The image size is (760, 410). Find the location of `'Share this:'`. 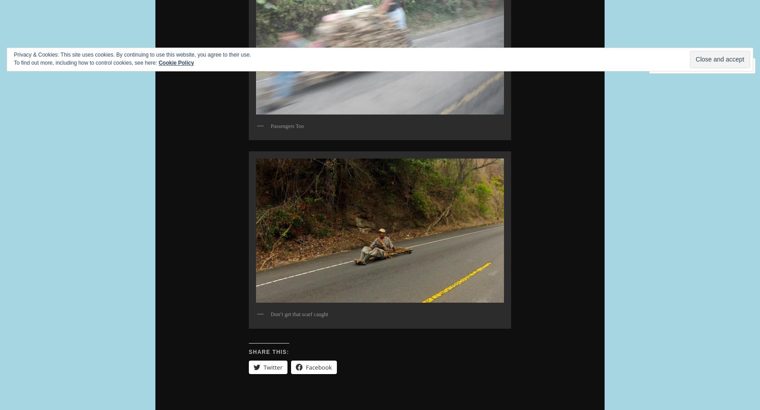

'Share this:' is located at coordinates (268, 351).